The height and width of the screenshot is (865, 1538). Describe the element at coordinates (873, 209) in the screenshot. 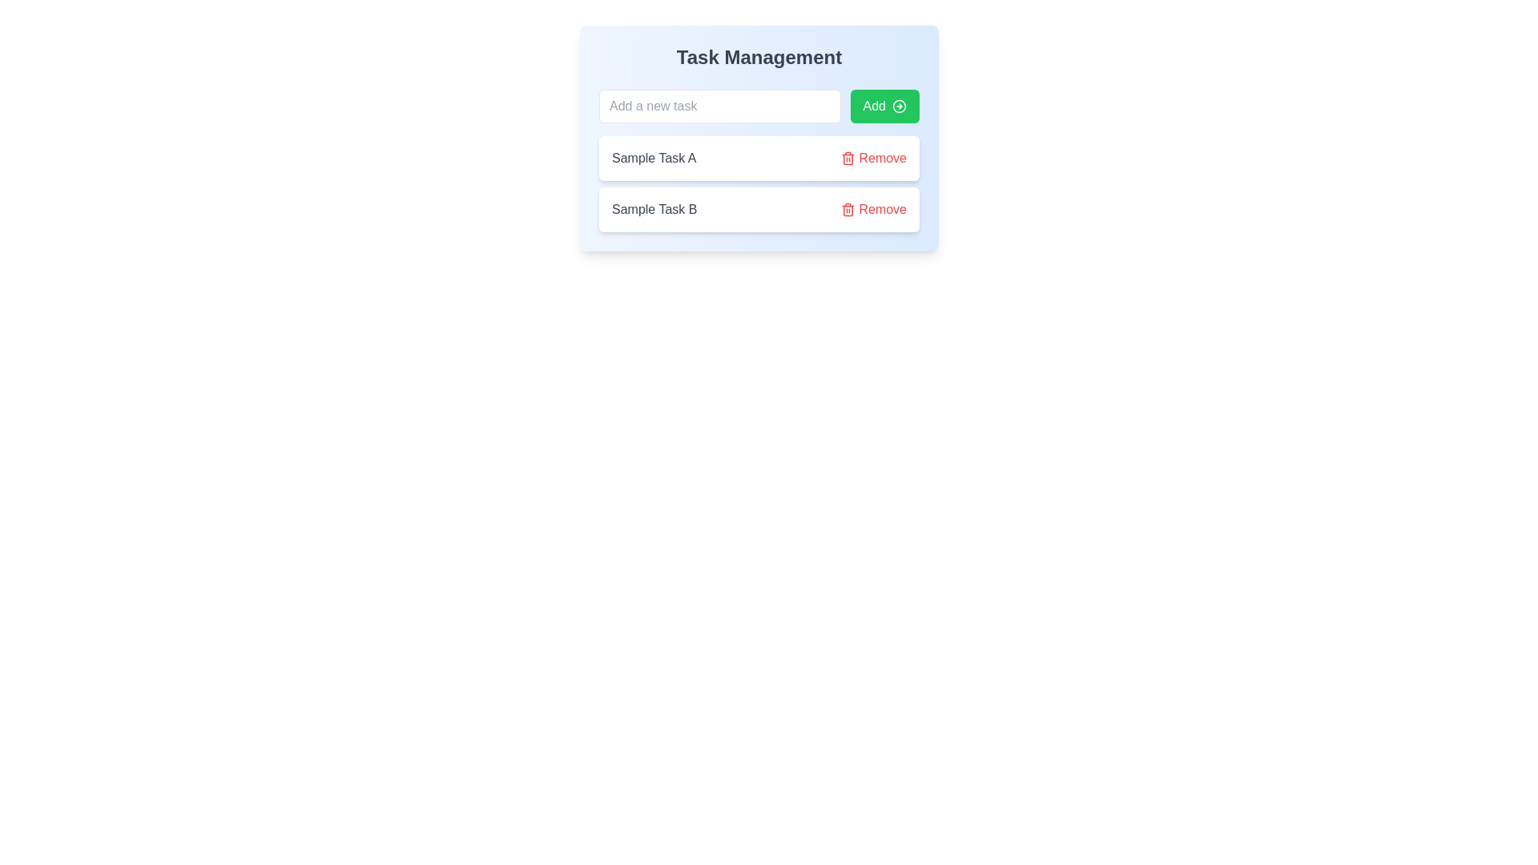

I see `the second 'Remove' button associated with 'Sample Task B'` at that location.